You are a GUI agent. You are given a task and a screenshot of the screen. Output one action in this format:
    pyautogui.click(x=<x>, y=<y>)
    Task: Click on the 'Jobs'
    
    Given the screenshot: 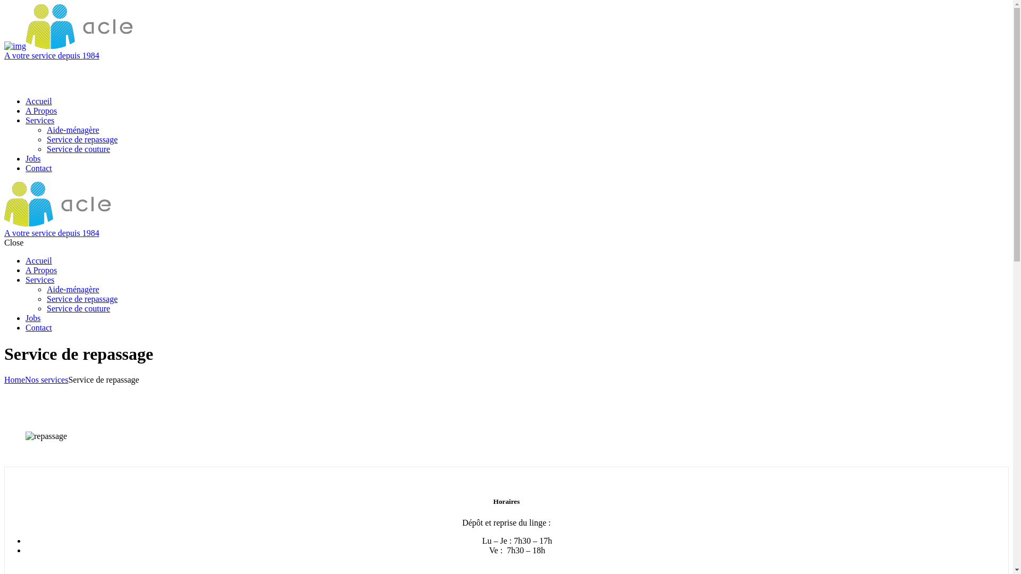 What is the action you would take?
    pyautogui.click(x=33, y=158)
    